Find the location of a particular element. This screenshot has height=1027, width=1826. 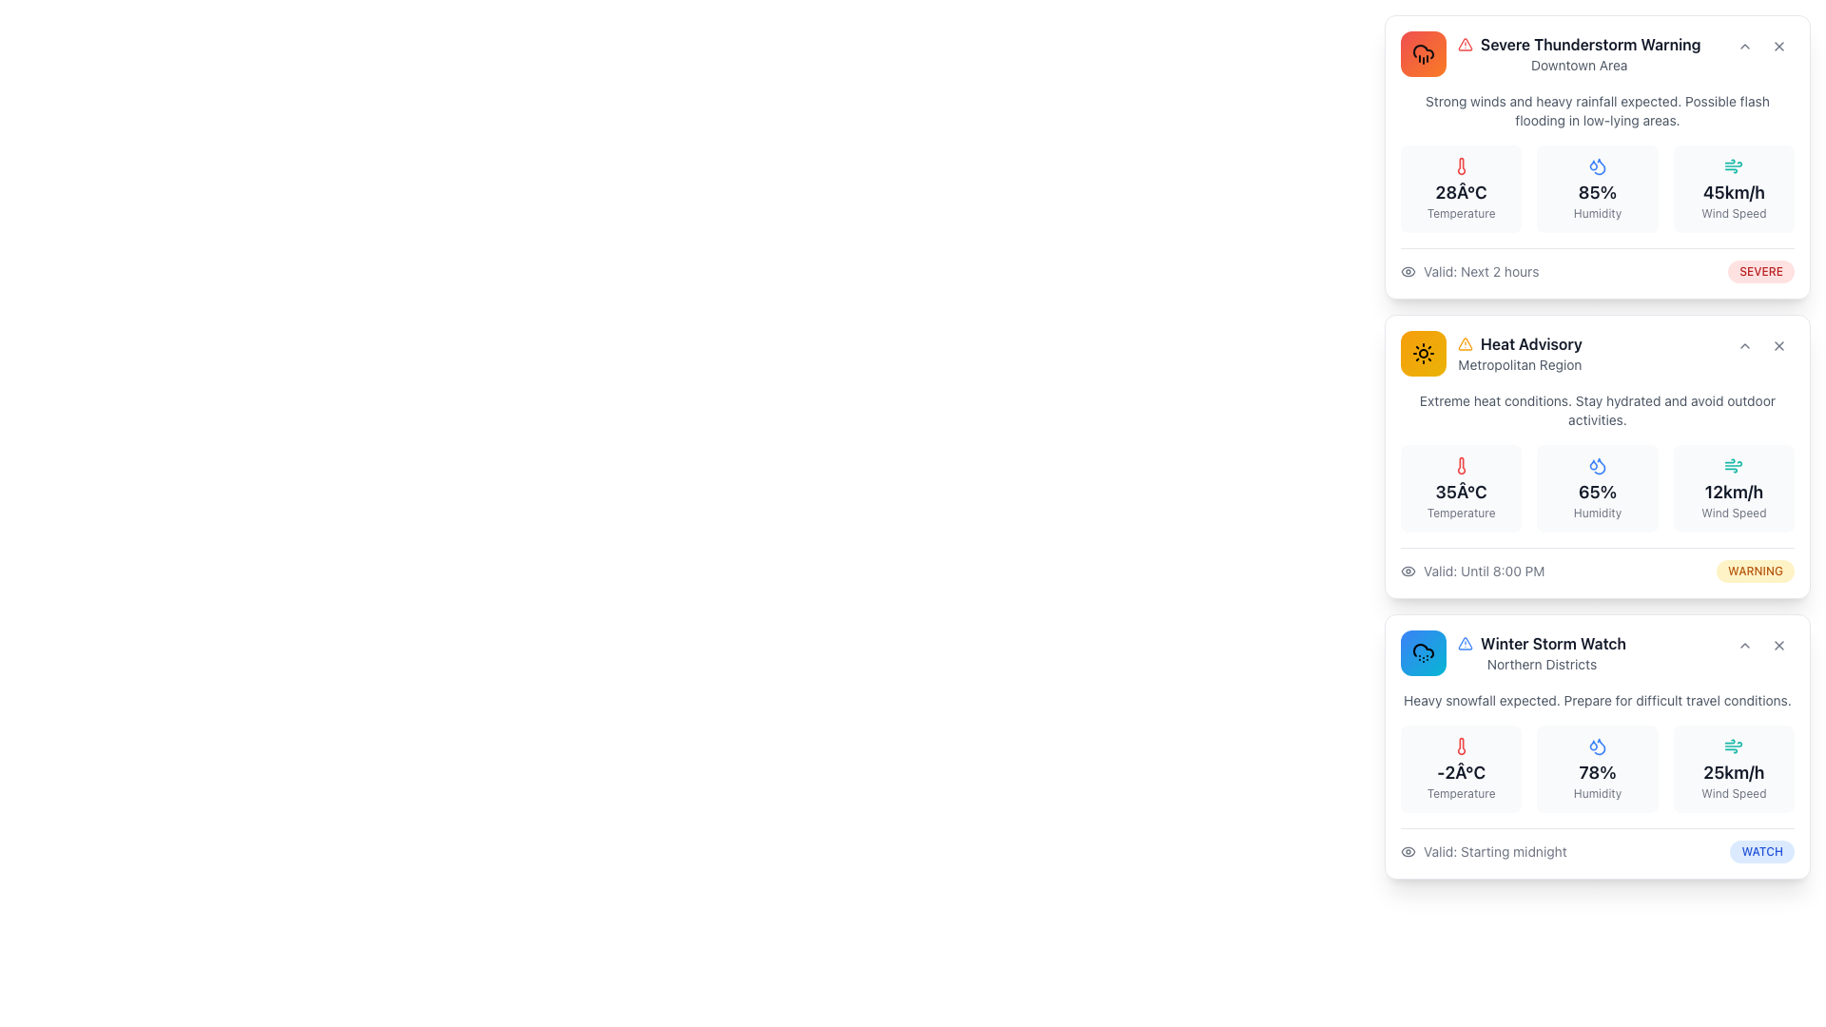

the third informational display block showing '12km/h' wind speed with a light gray background and teal icon, located below the 'Heat Advisory' section is located at coordinates (1734, 487).